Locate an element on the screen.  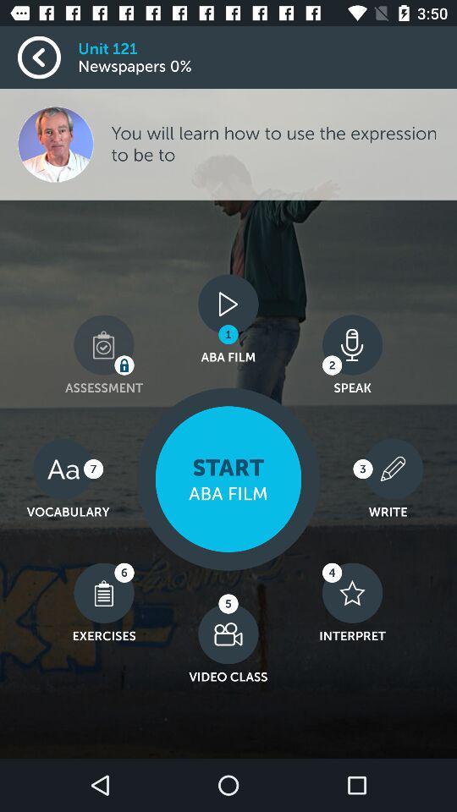
the image which is below the newspapers 0 is located at coordinates (55, 143).